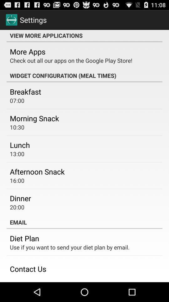  What do you see at coordinates (84, 75) in the screenshot?
I see `the icon above breakfast` at bounding box center [84, 75].